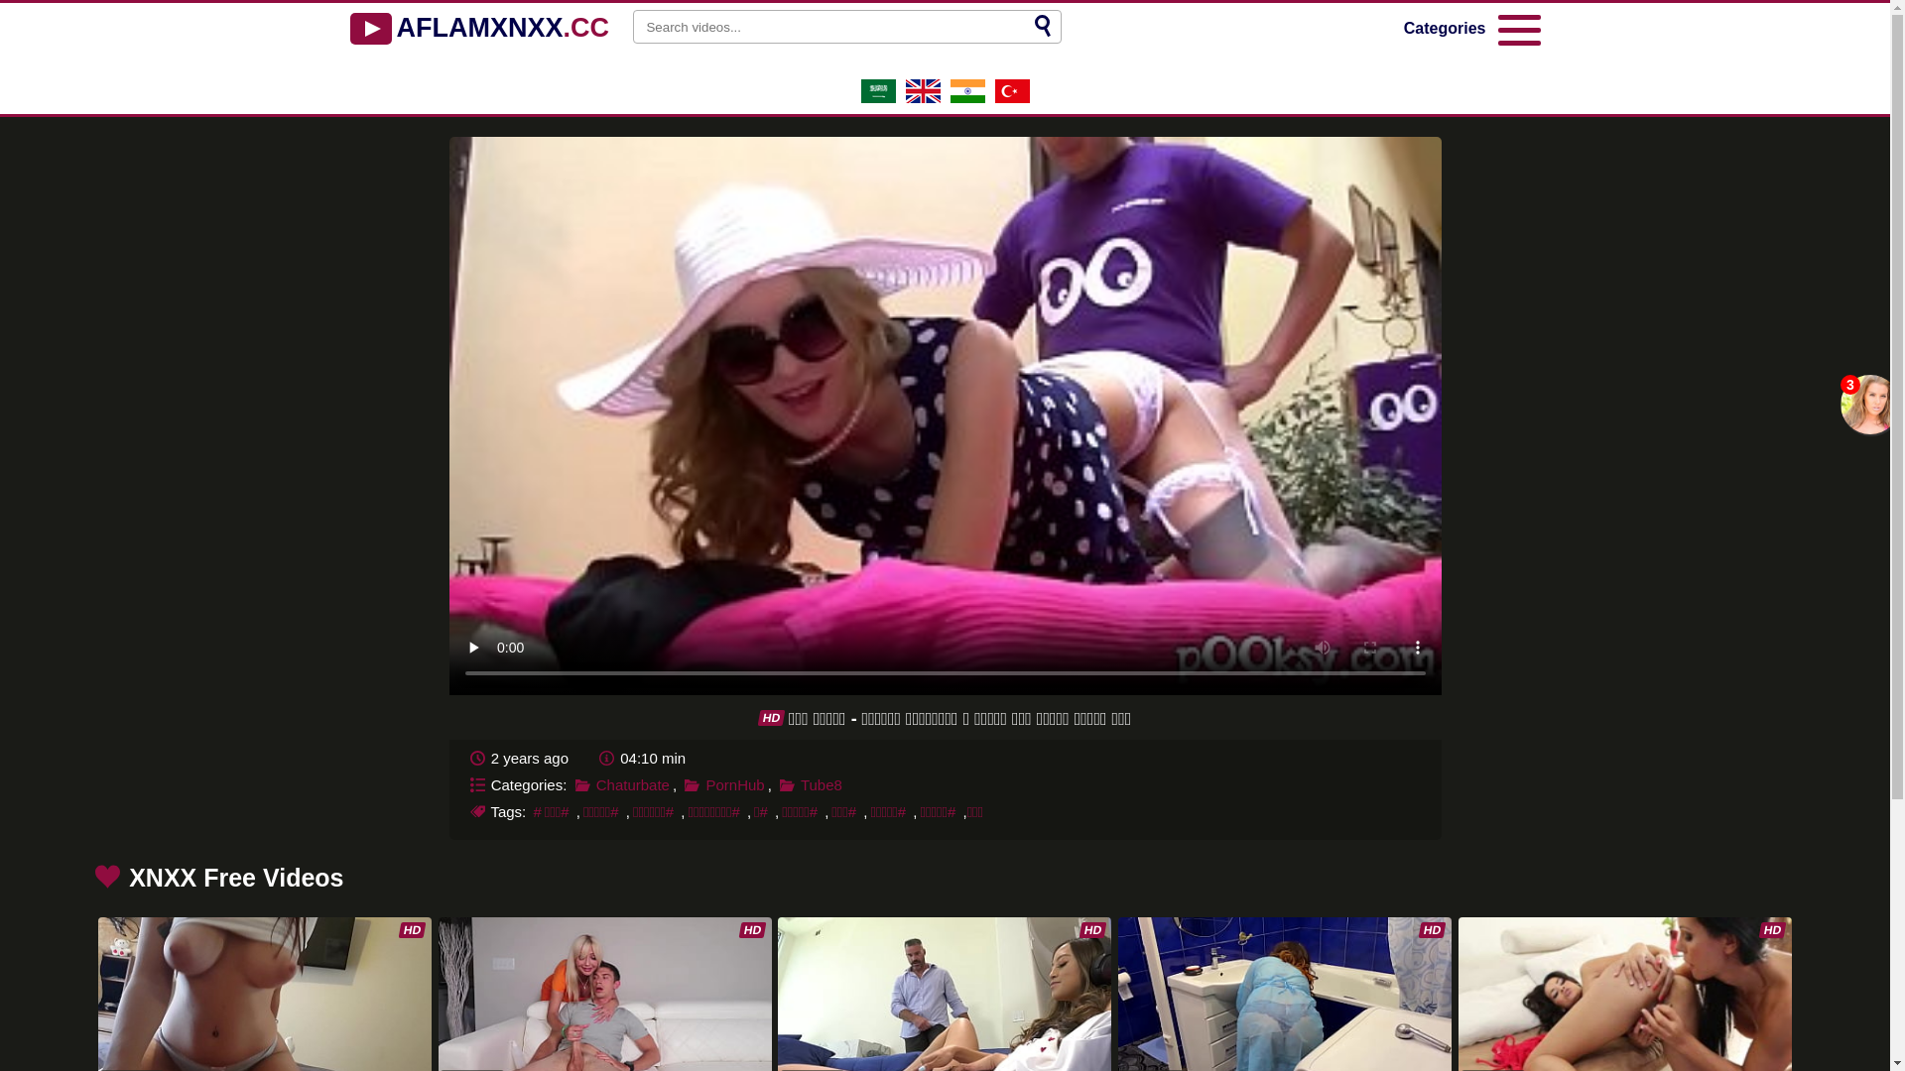 The image size is (1905, 1071). Describe the element at coordinates (621, 782) in the screenshot. I see `'Chaturbate'` at that location.